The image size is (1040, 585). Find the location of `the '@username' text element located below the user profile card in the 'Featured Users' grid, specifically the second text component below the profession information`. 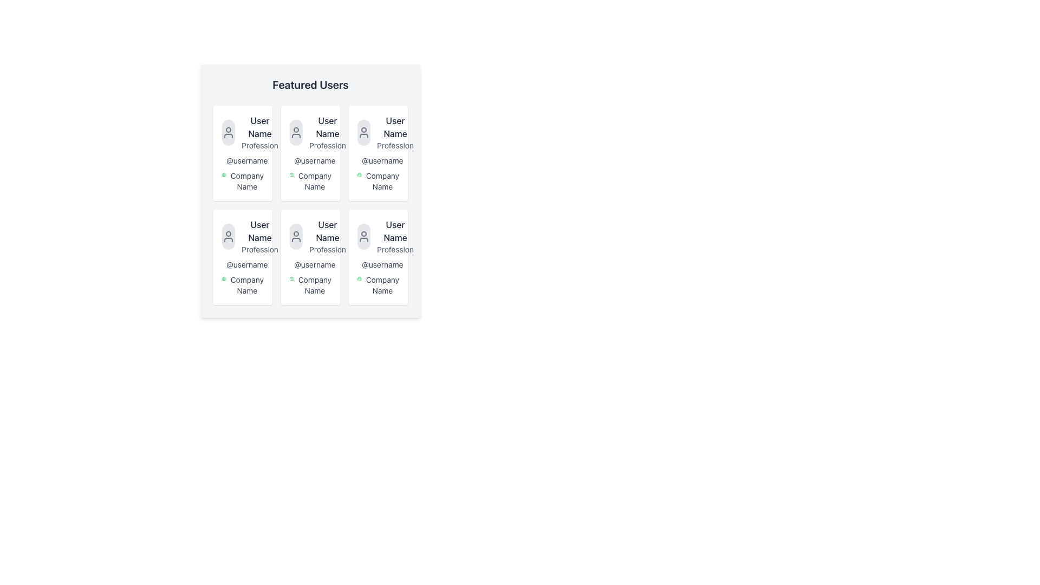

the '@username' text element located below the user profile card in the 'Featured Users' grid, specifically the second text component below the profession information is located at coordinates (314, 265).